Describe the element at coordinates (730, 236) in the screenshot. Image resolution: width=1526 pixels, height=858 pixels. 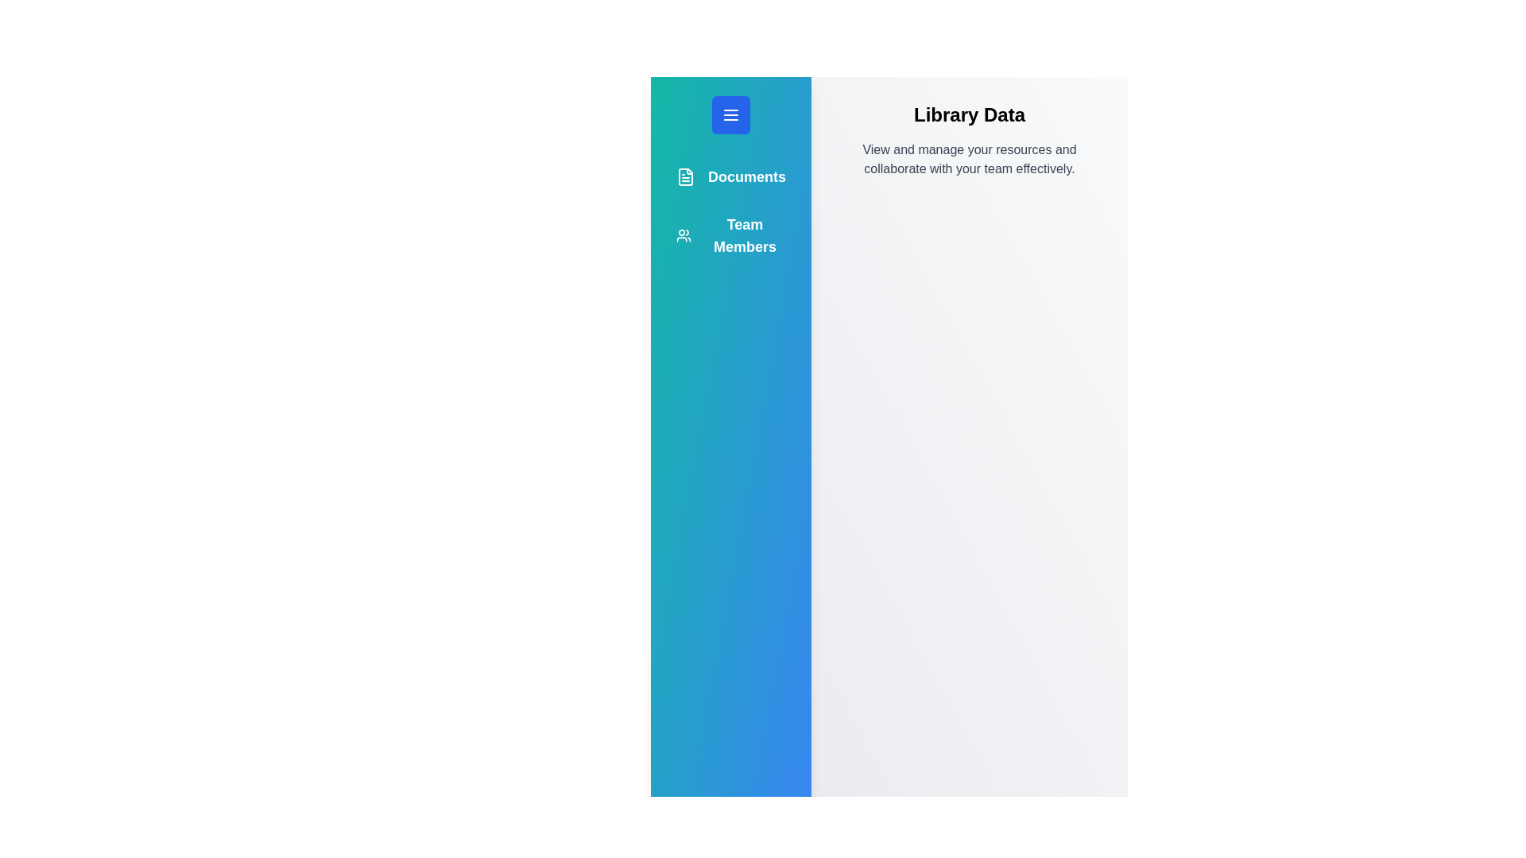
I see `the library section labeled Team Members` at that location.